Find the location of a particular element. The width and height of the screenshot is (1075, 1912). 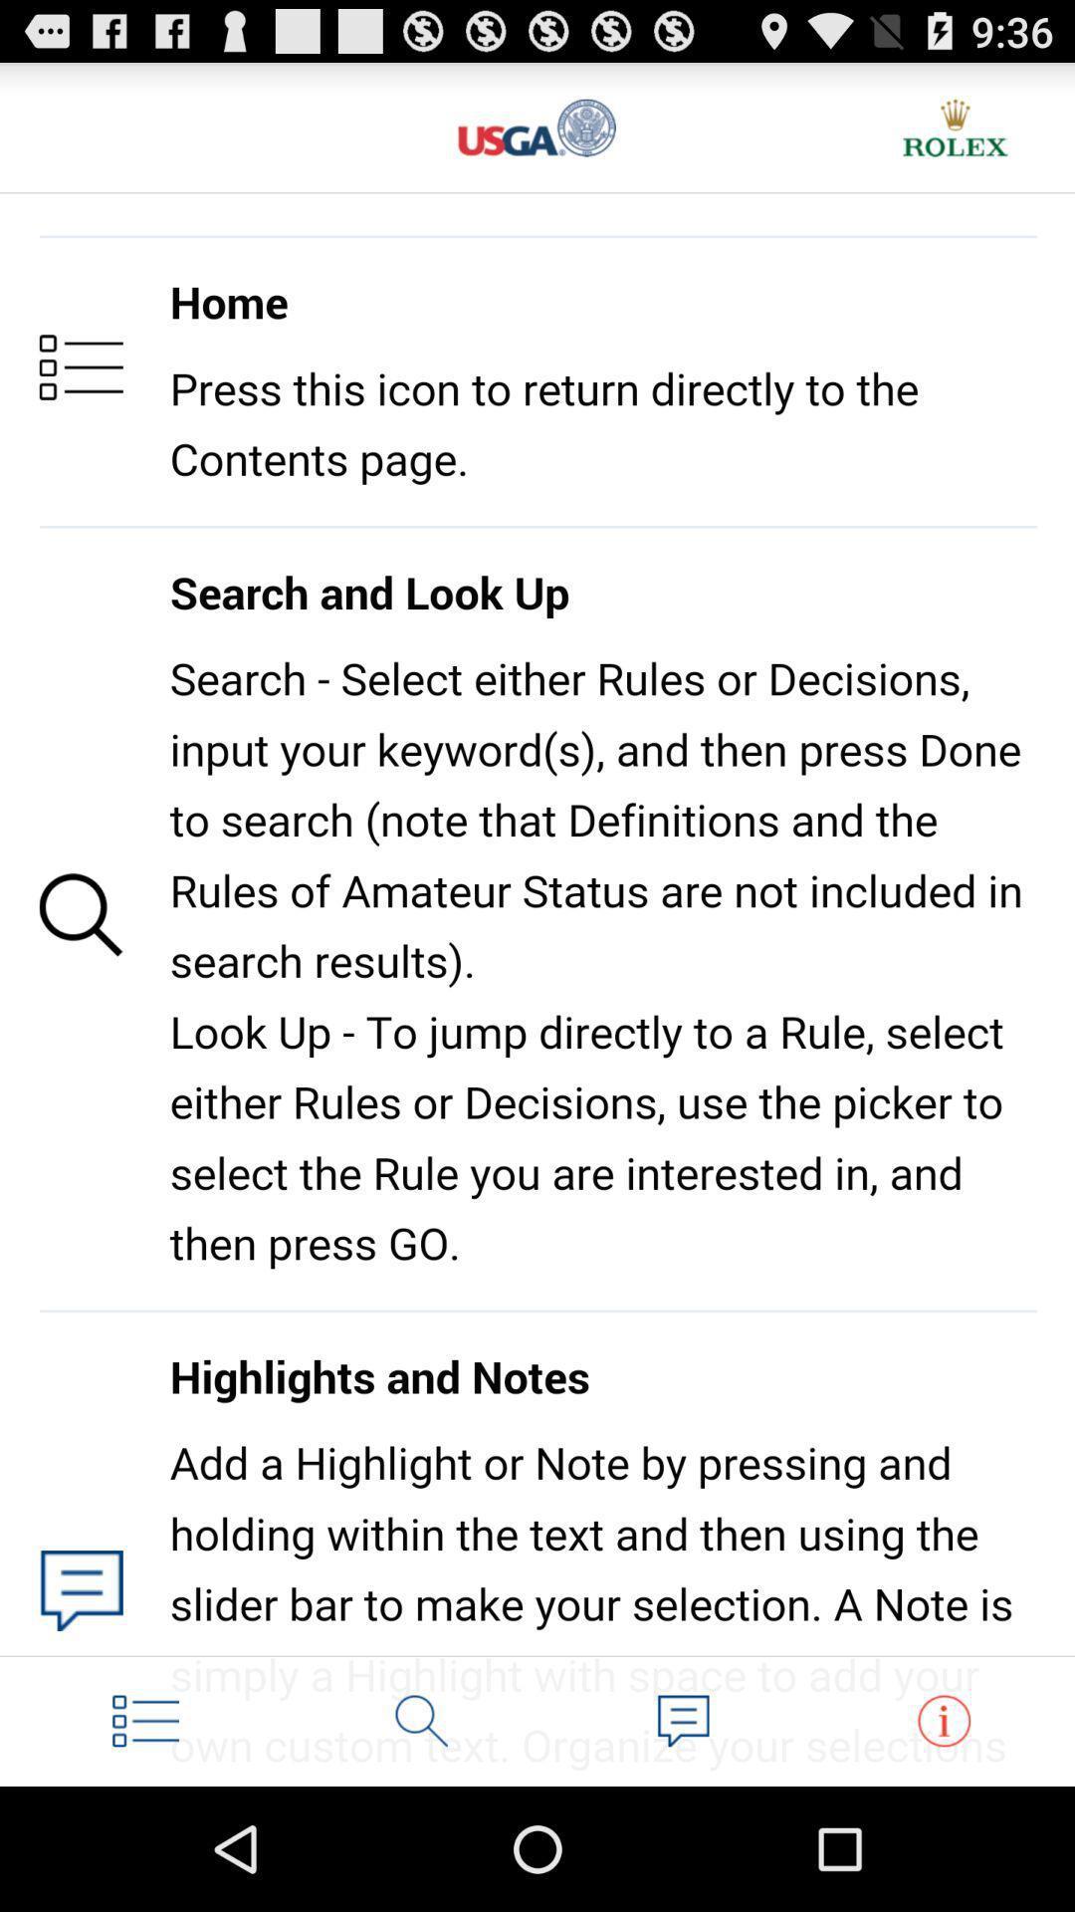

return to main page is located at coordinates (537, 126).